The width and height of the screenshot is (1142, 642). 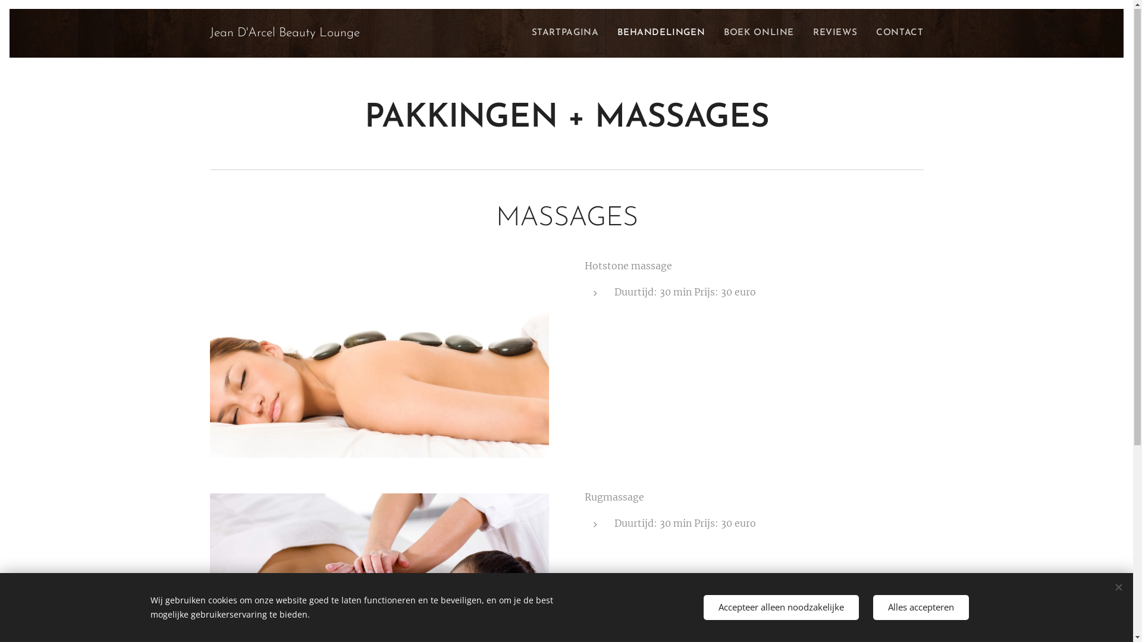 I want to click on 'BEHANDELINGEN', so click(x=660, y=33).